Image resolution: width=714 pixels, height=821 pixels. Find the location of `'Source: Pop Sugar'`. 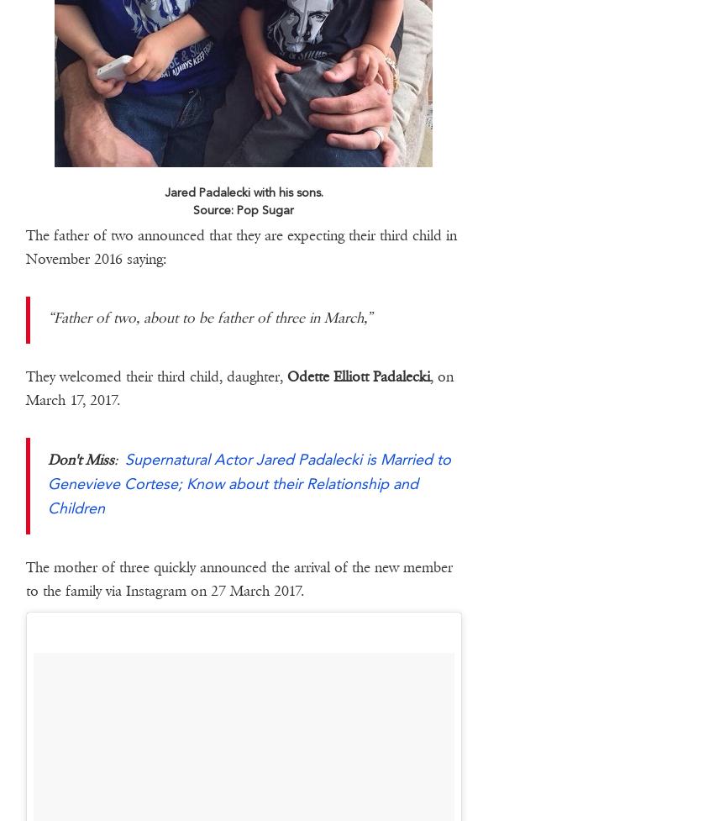

'Source: Pop Sugar' is located at coordinates (243, 208).